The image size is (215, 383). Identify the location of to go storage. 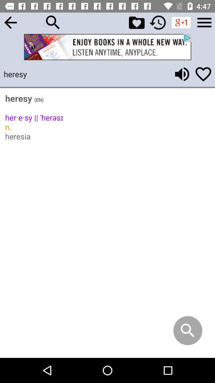
(204, 22).